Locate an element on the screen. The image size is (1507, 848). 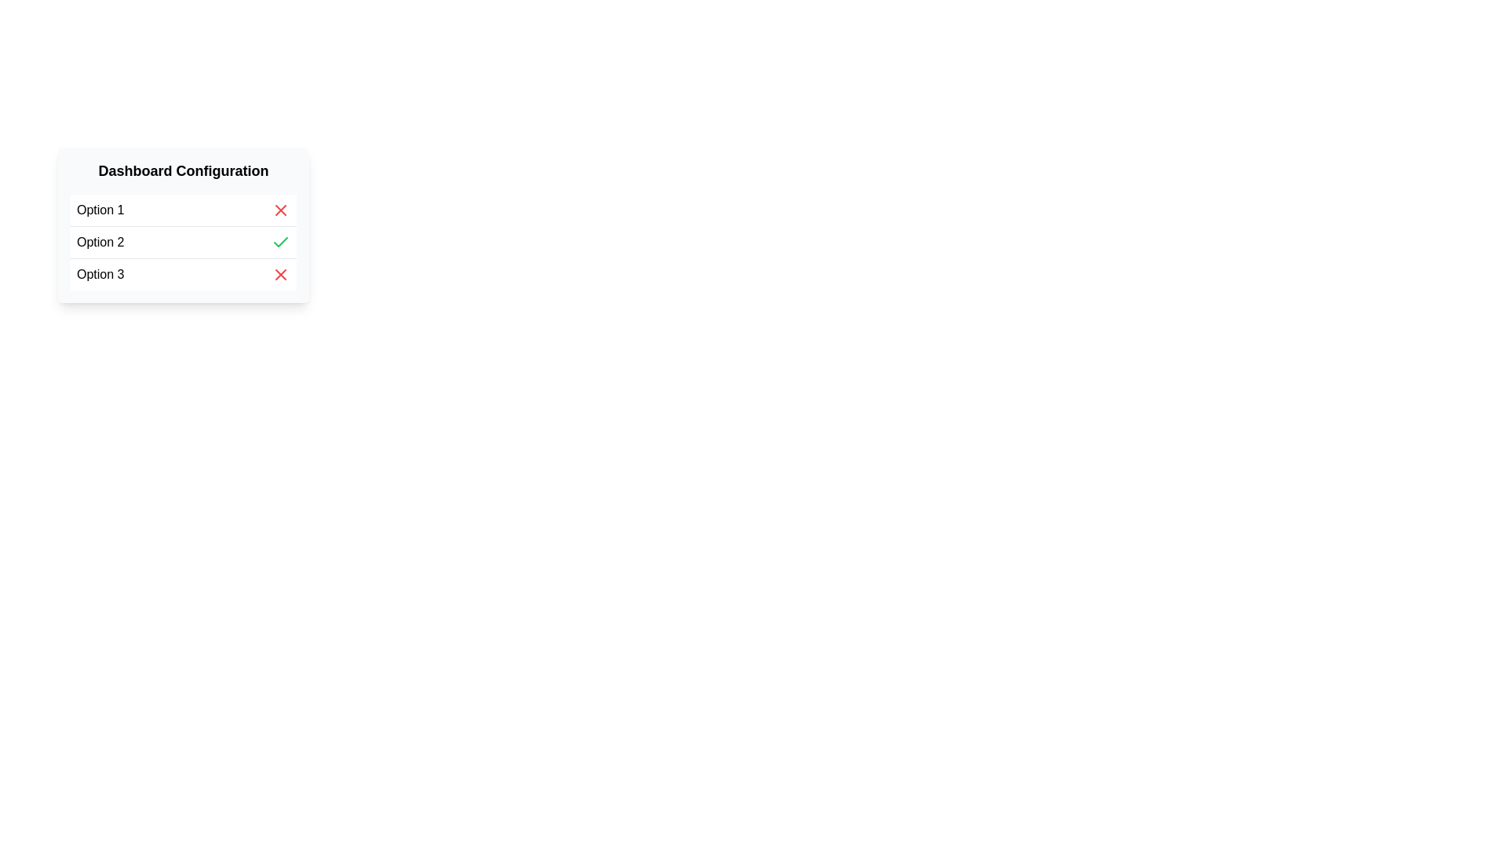
the text label displaying 'Option 1', which is the first item in a structured list with a black font on a white background is located at coordinates (100, 209).